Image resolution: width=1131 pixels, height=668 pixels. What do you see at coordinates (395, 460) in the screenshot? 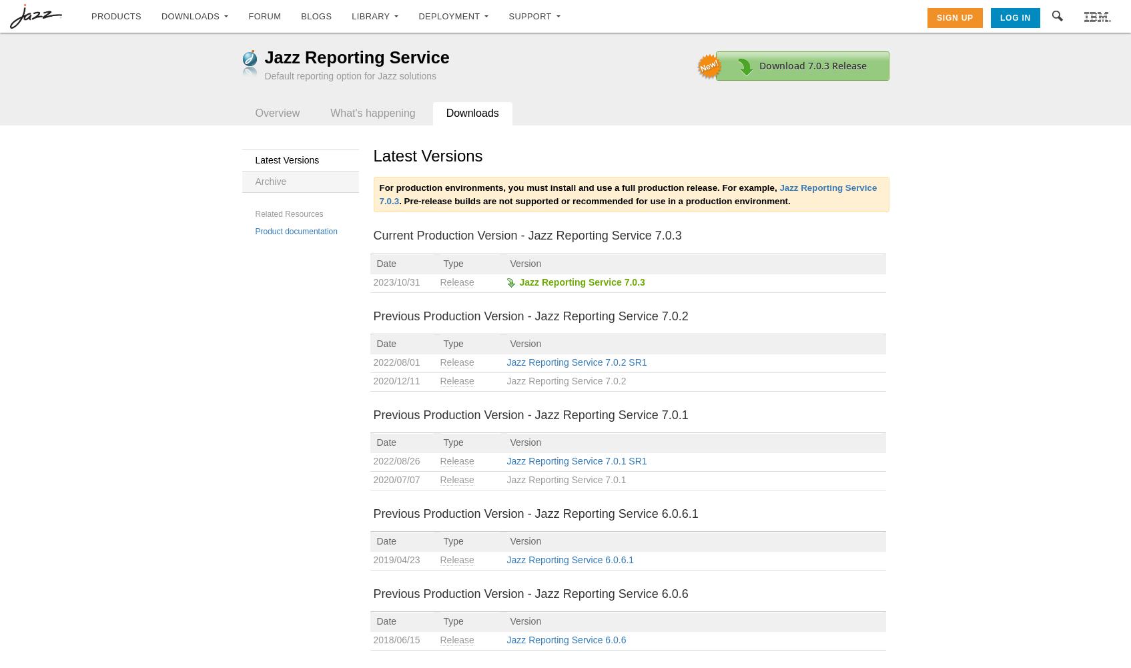
I see `'2022/08/26'` at bounding box center [395, 460].